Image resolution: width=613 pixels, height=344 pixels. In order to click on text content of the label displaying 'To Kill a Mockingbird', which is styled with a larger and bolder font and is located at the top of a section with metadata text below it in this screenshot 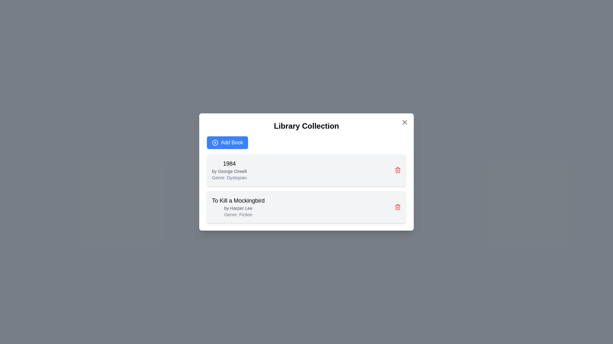, I will do `click(238, 200)`.